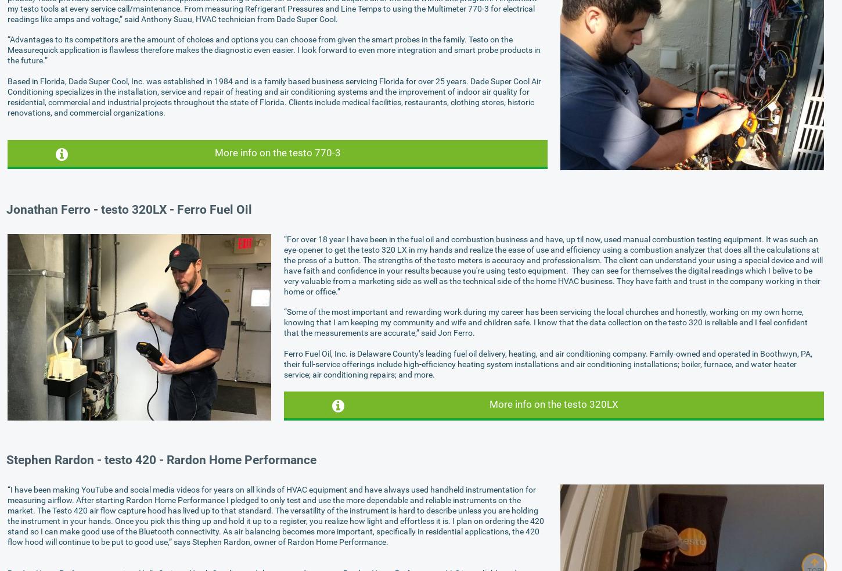 This screenshot has width=842, height=571. I want to click on '“Some of the most important and rewarding work during my career has been servicing the local churches and honestly, working on my own home, knowing that I am keeping my community and wife and children safe. I know that the data collection on the testo 320 is reliable and I feel confident that the measurements are accurate,” said Jon Ferro.', so click(545, 322).